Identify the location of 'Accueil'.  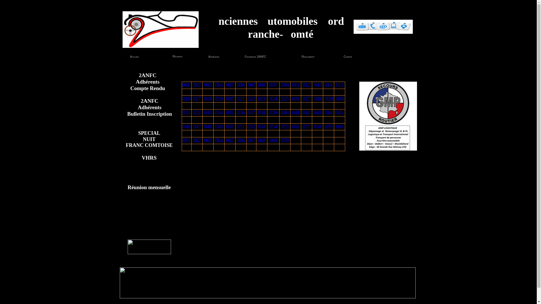
(134, 57).